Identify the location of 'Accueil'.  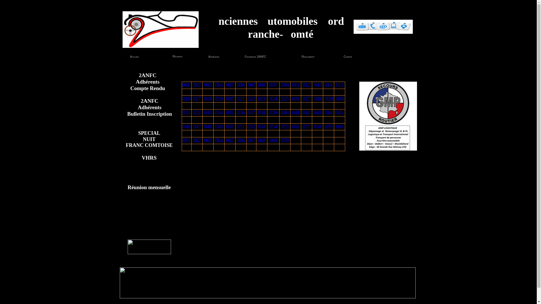
(134, 57).